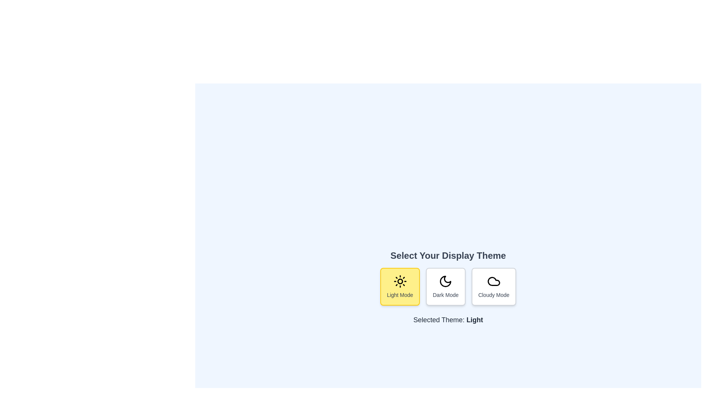 The height and width of the screenshot is (408, 725). What do you see at coordinates (494, 287) in the screenshot?
I see `the Cloudy Mode button to see its hover effect` at bounding box center [494, 287].